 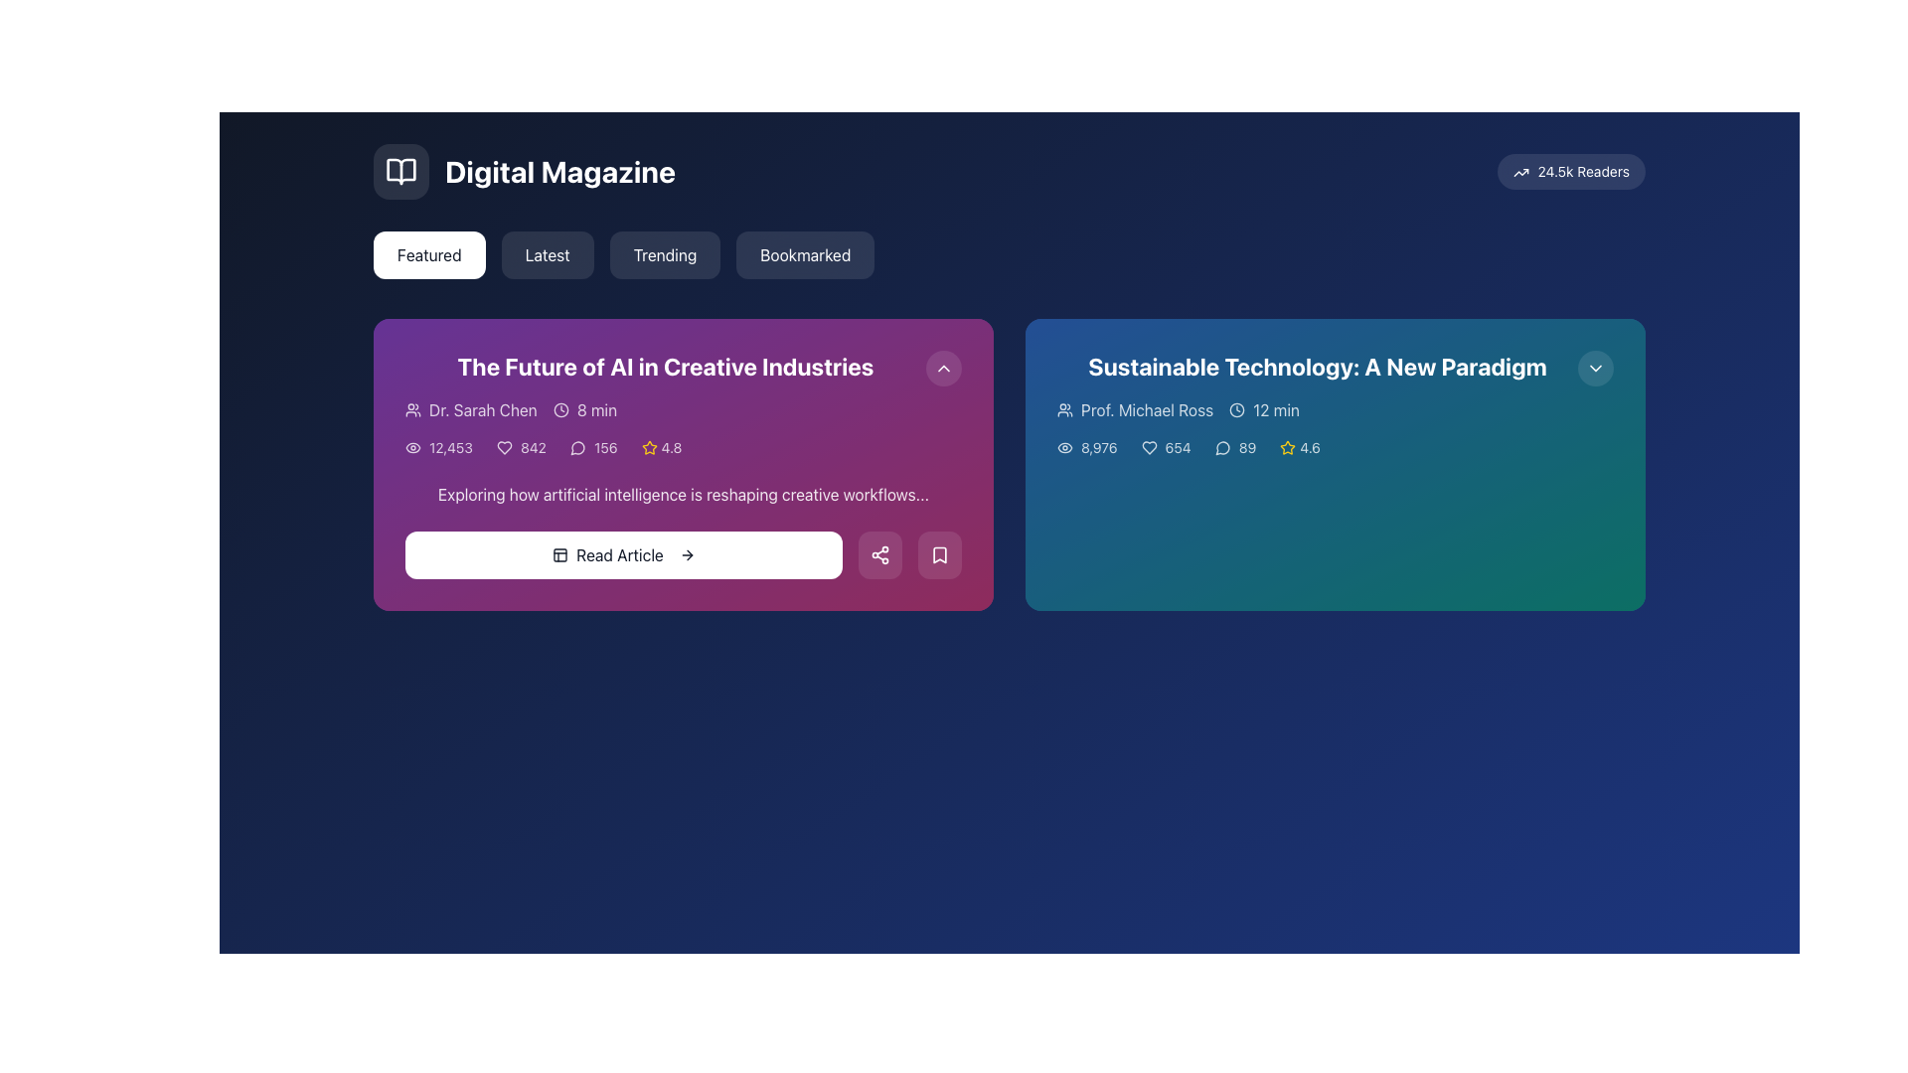 I want to click on the call-to-action button located at the bottom of the card titled 'The Future of AI in Creative Industries', so click(x=683, y=555).